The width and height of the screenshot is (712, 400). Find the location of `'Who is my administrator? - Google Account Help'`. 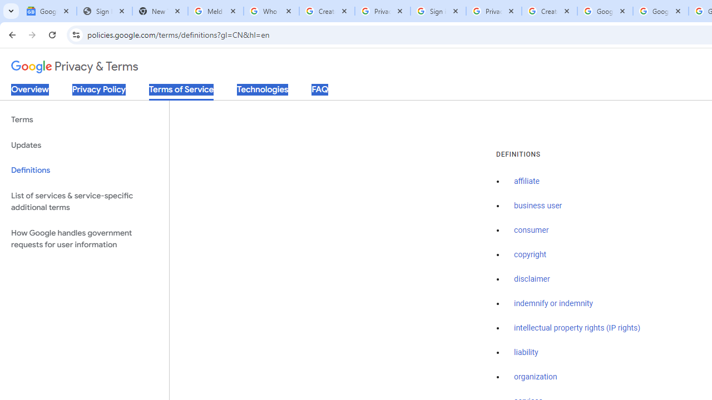

'Who is my administrator? - Google Account Help' is located at coordinates (271, 11).